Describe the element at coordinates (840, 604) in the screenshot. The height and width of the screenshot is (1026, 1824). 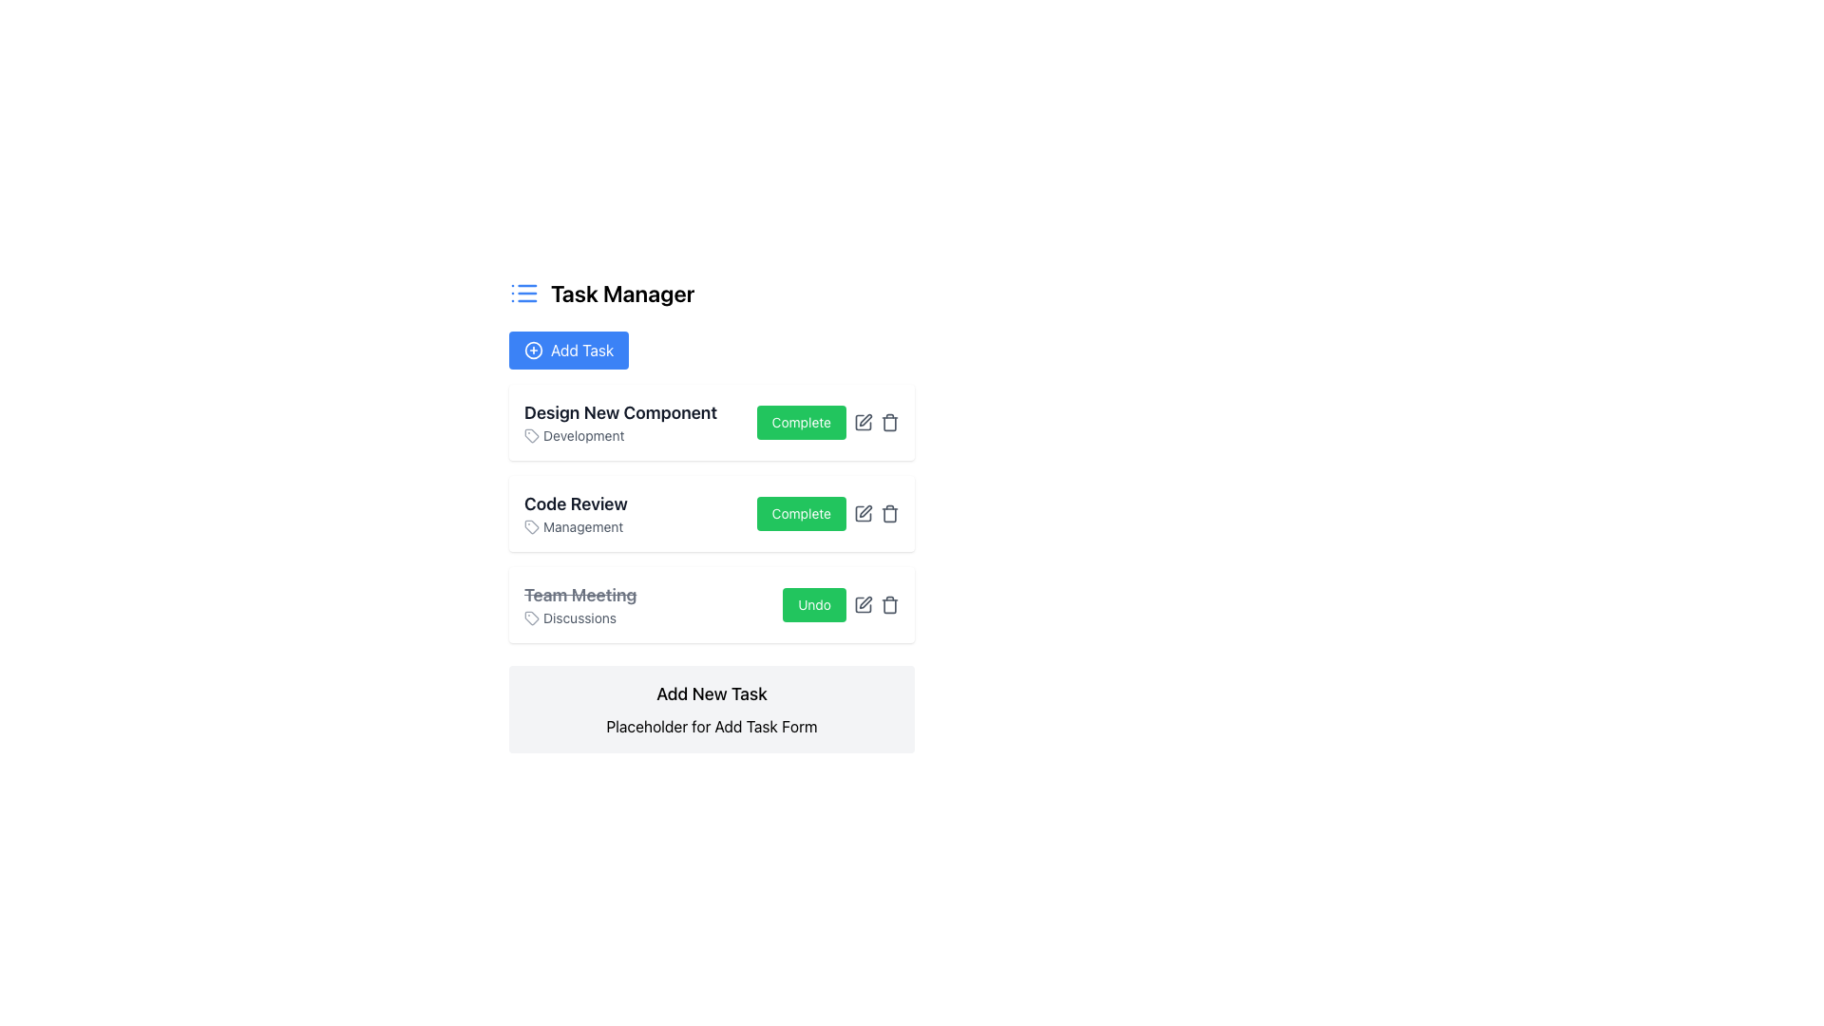
I see `the undo button located in the third task row under 'Team Meeting', positioned between the edit pencil icon and the delete trash can icon` at that location.